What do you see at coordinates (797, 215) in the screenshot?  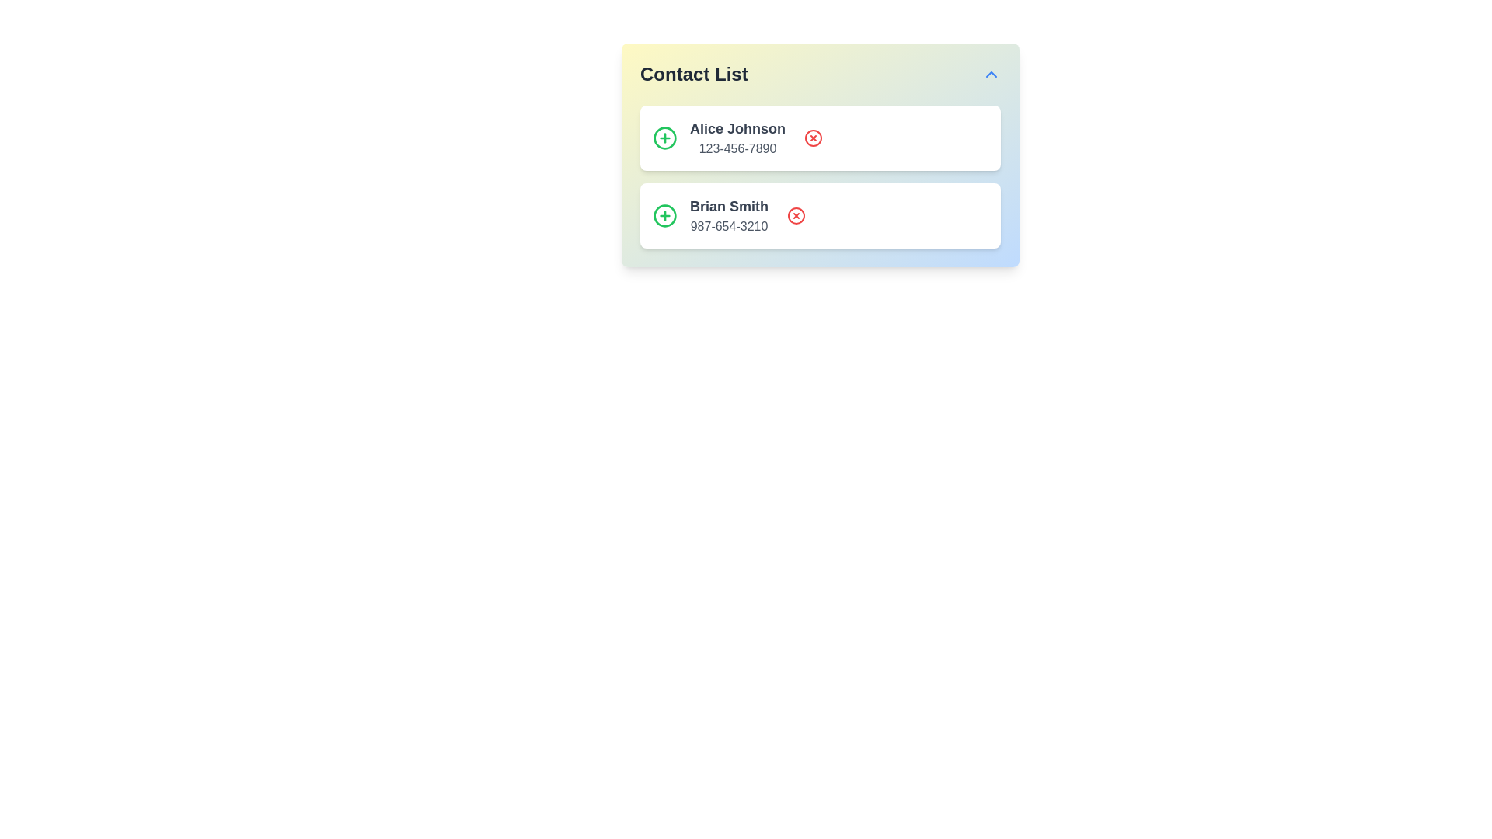 I see `the delete button located in the bottom-right corner of the card named 'Brian Smith'` at bounding box center [797, 215].